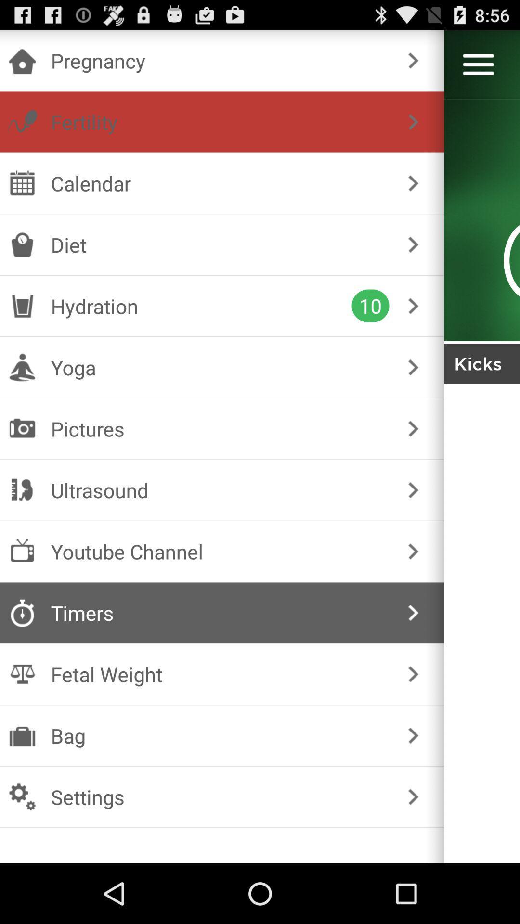  I want to click on the icon which is before ultrasound on the page, so click(22, 490).